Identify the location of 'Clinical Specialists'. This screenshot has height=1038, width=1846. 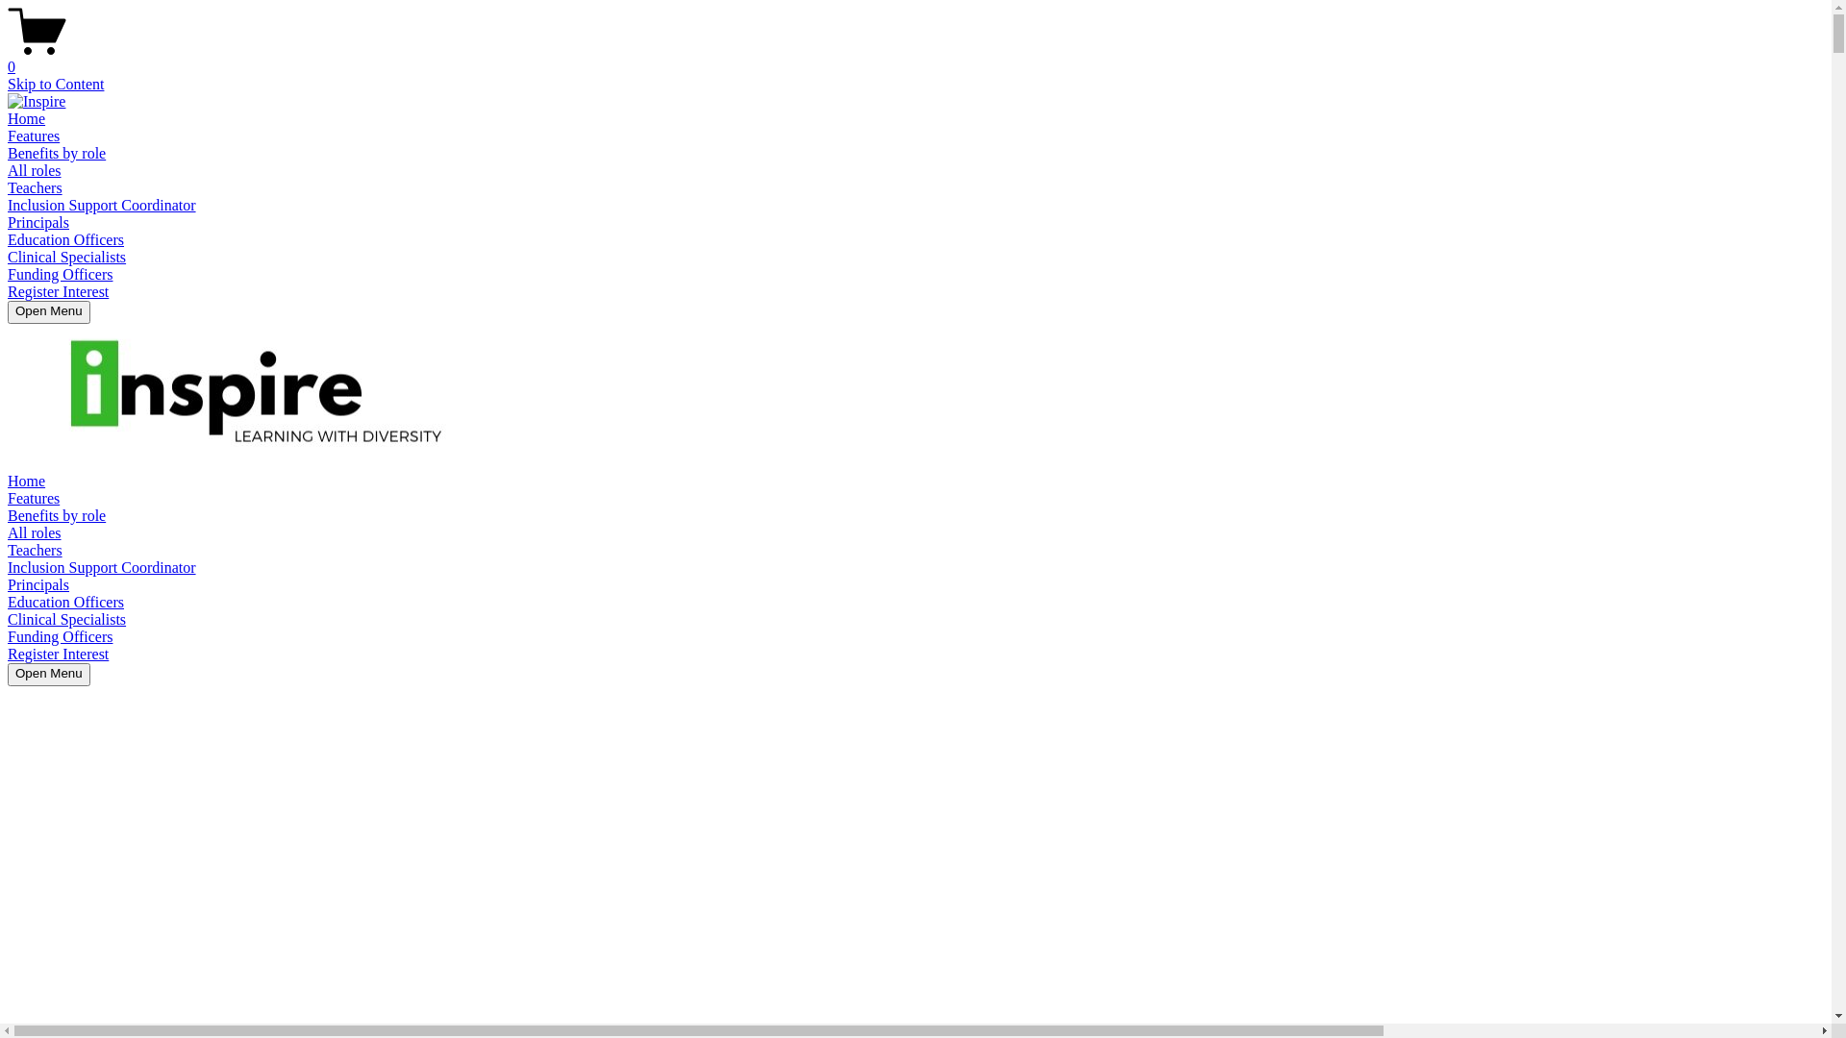
(8, 256).